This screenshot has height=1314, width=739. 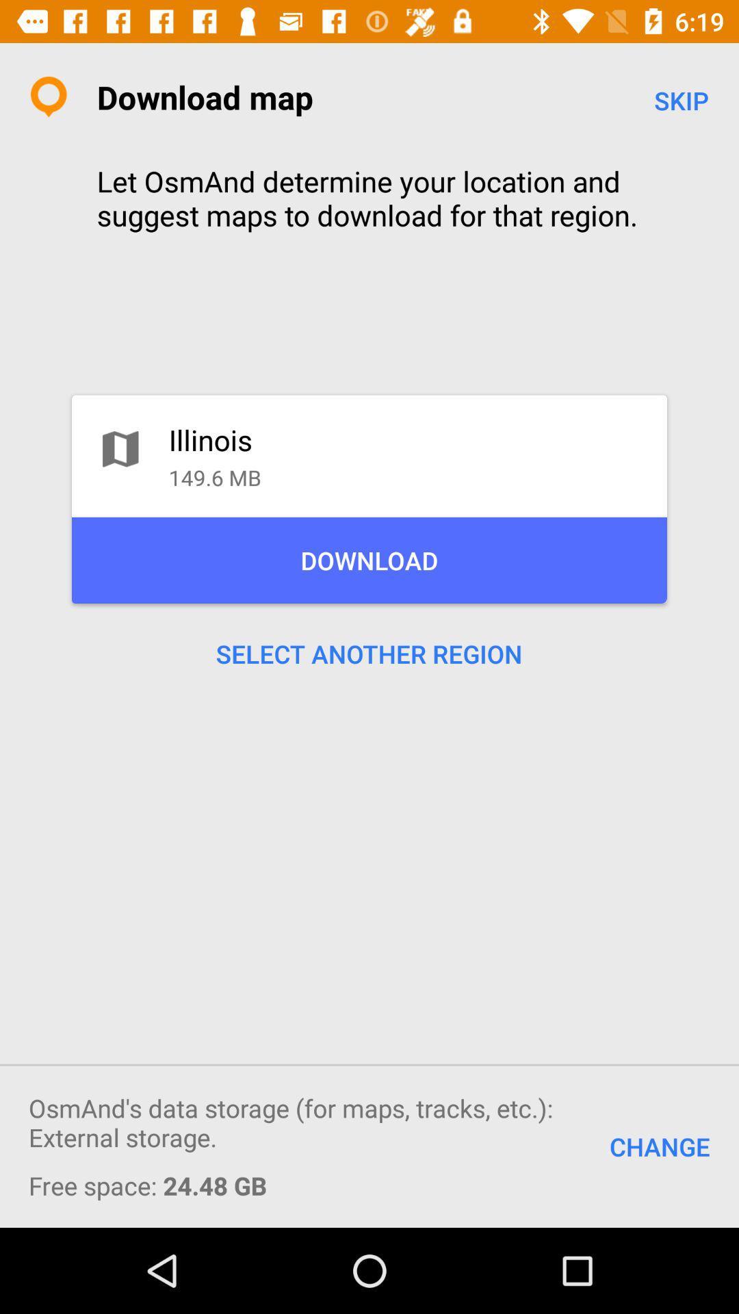 What do you see at coordinates (681, 1056) in the screenshot?
I see `the minus icon` at bounding box center [681, 1056].